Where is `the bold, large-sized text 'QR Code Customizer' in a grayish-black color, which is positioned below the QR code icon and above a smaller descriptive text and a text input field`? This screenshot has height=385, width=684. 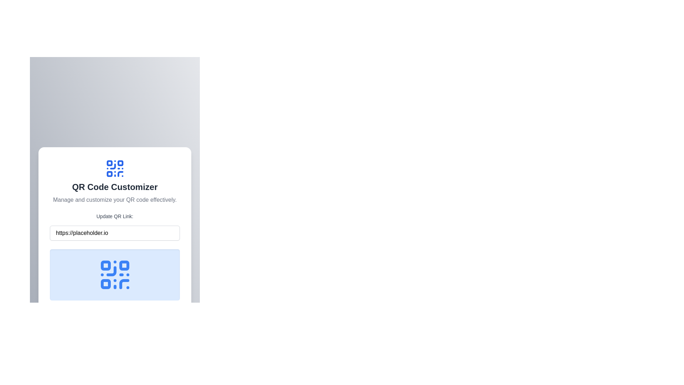
the bold, large-sized text 'QR Code Customizer' in a grayish-black color, which is positioned below the QR code icon and above a smaller descriptive text and a text input field is located at coordinates (115, 186).